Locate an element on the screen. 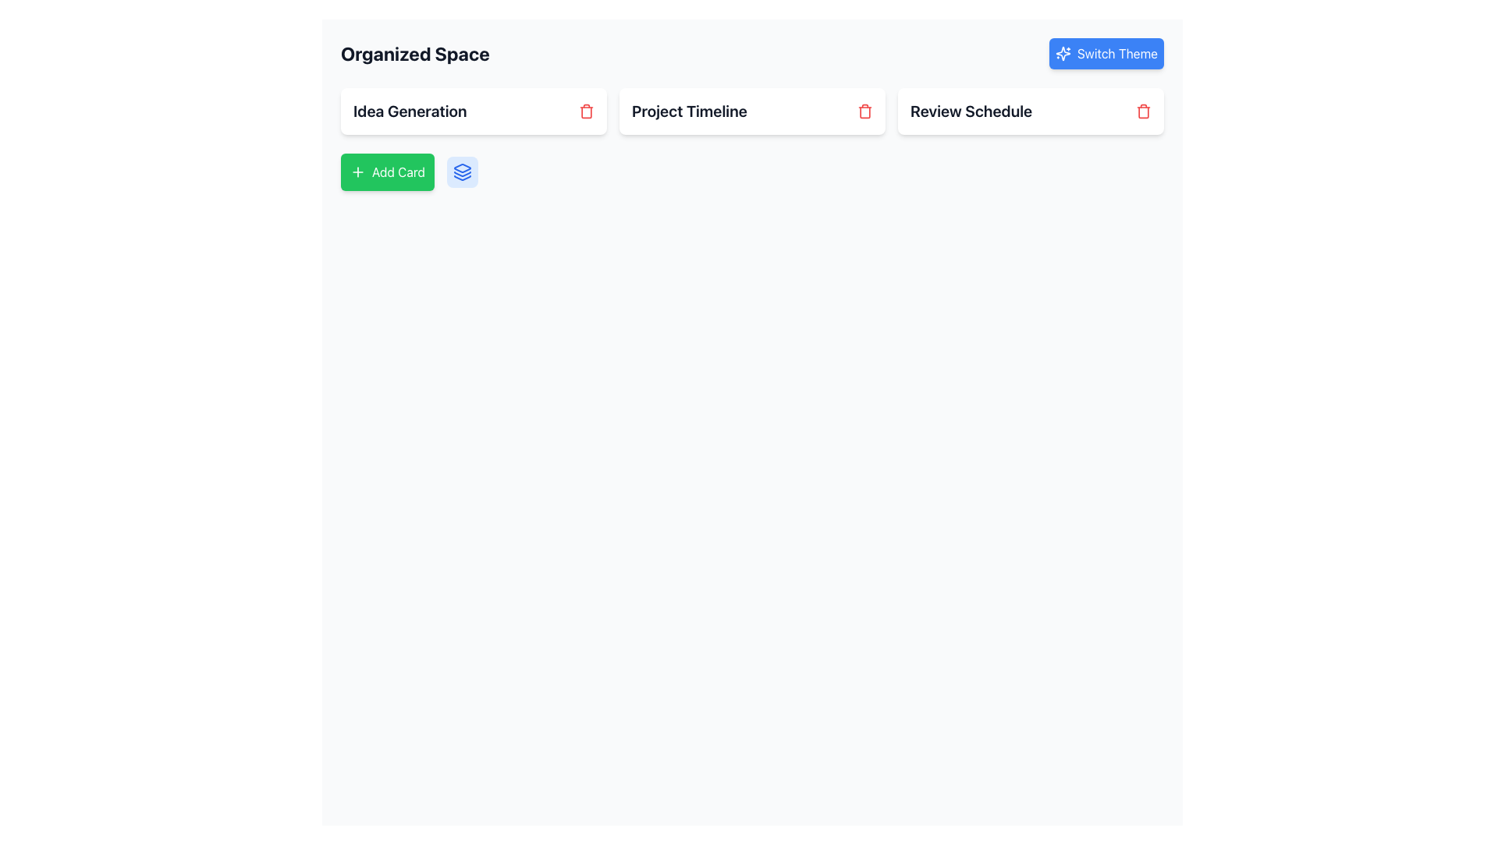  the descriptive title label for the 'Review Schedule' section, which is the third card in a horizontally arranged list of cards is located at coordinates (971, 110).